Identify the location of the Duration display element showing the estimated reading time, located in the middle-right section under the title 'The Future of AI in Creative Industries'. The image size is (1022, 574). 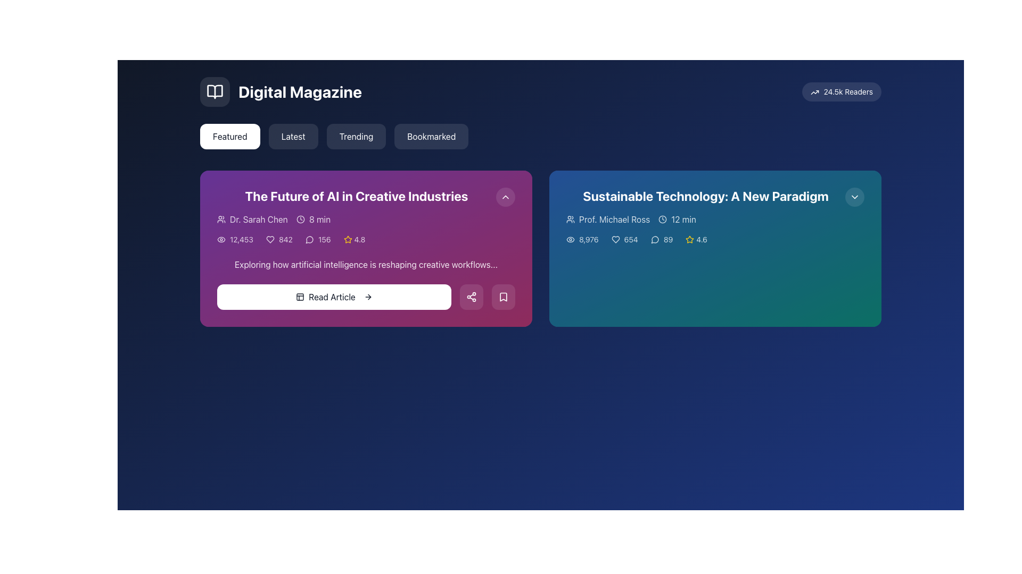
(313, 218).